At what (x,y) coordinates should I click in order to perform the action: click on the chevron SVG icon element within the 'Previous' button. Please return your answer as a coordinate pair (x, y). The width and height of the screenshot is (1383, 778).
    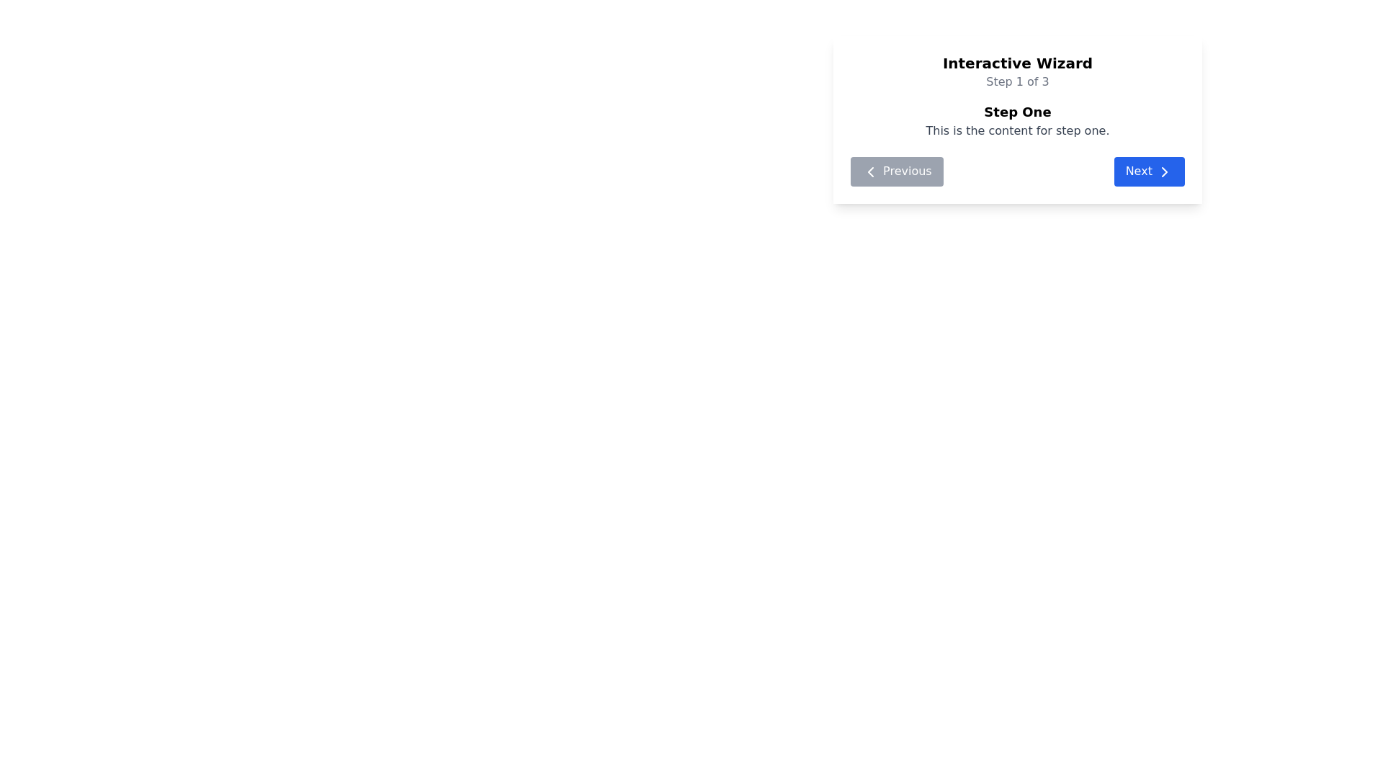
    Looking at the image, I should click on (870, 171).